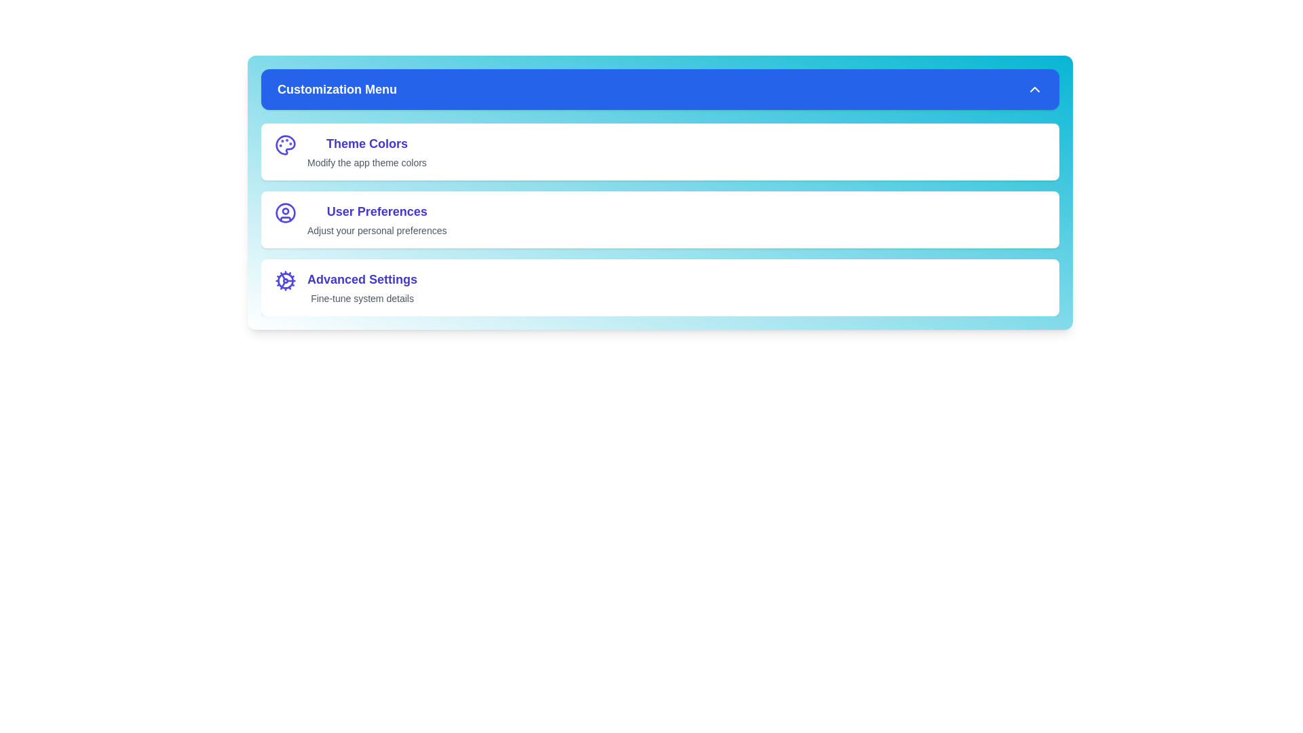 Image resolution: width=1303 pixels, height=733 pixels. I want to click on the icon corresponding to Advanced Settings, so click(285, 280).